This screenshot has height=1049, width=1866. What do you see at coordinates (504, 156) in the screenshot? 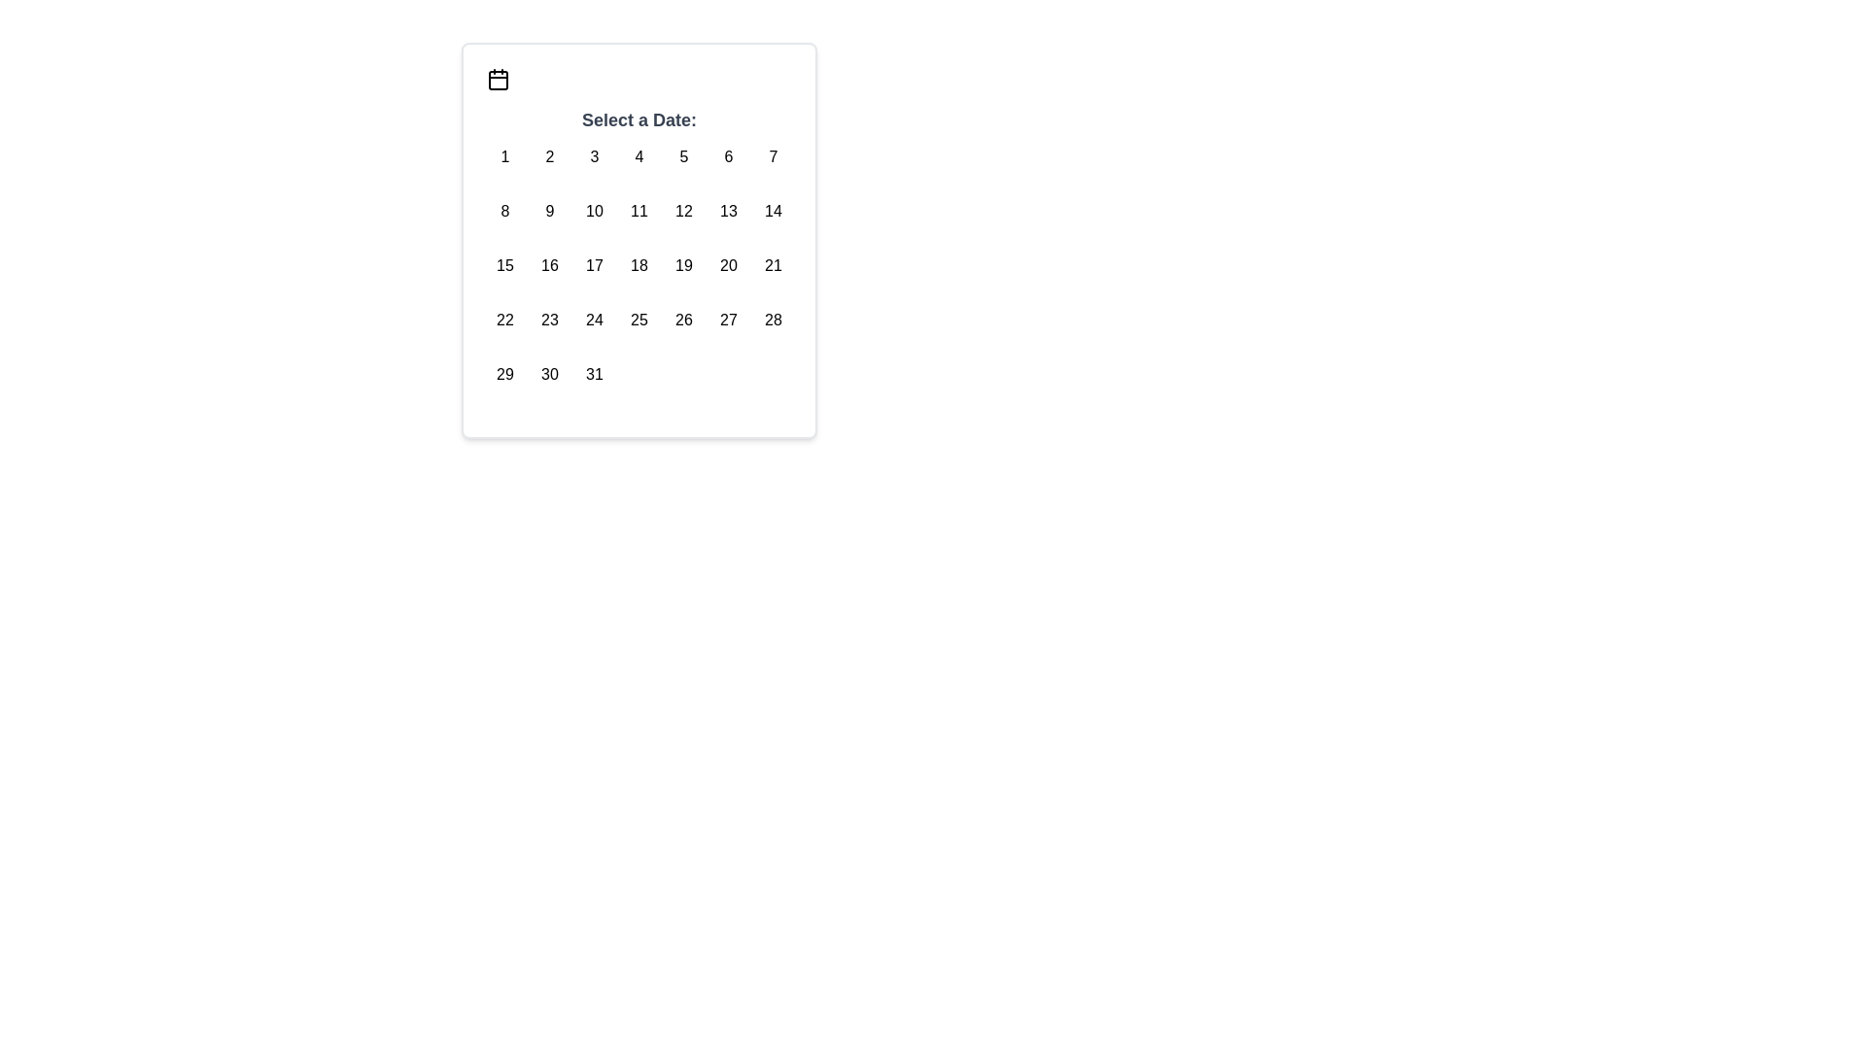
I see `the selectable date button` at bounding box center [504, 156].